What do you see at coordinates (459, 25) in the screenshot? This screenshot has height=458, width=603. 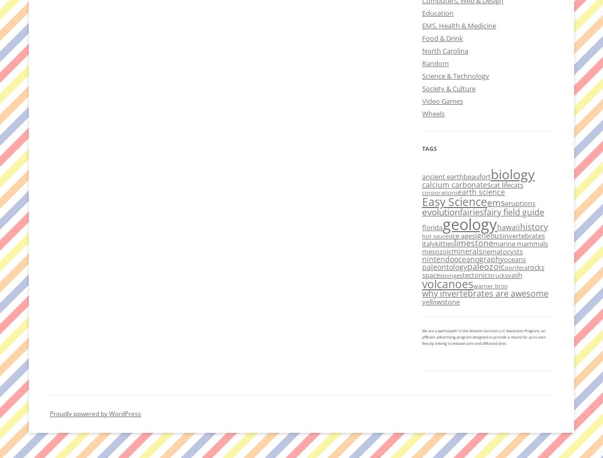 I see `'EMS, Health & Medicine'` at bounding box center [459, 25].